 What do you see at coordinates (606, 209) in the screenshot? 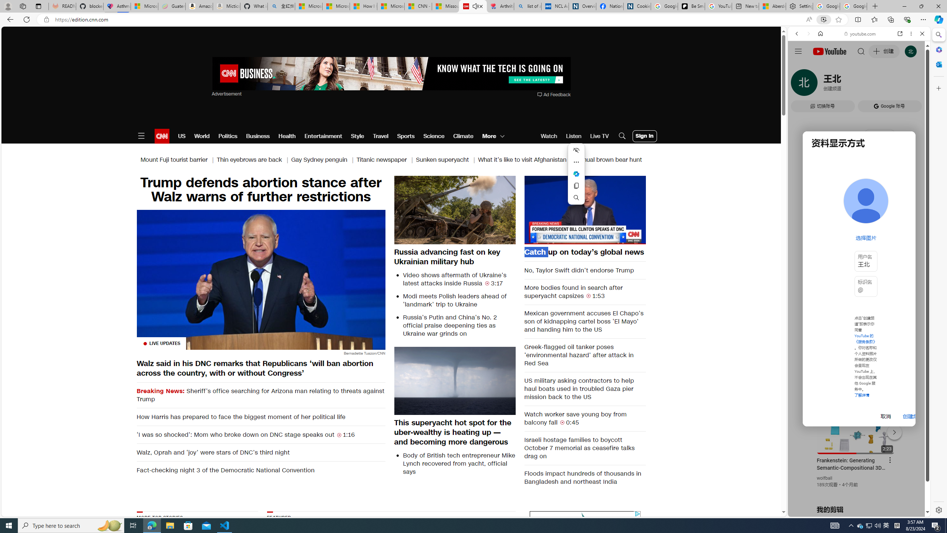
I see `'Forward 10 seconds'` at bounding box center [606, 209].